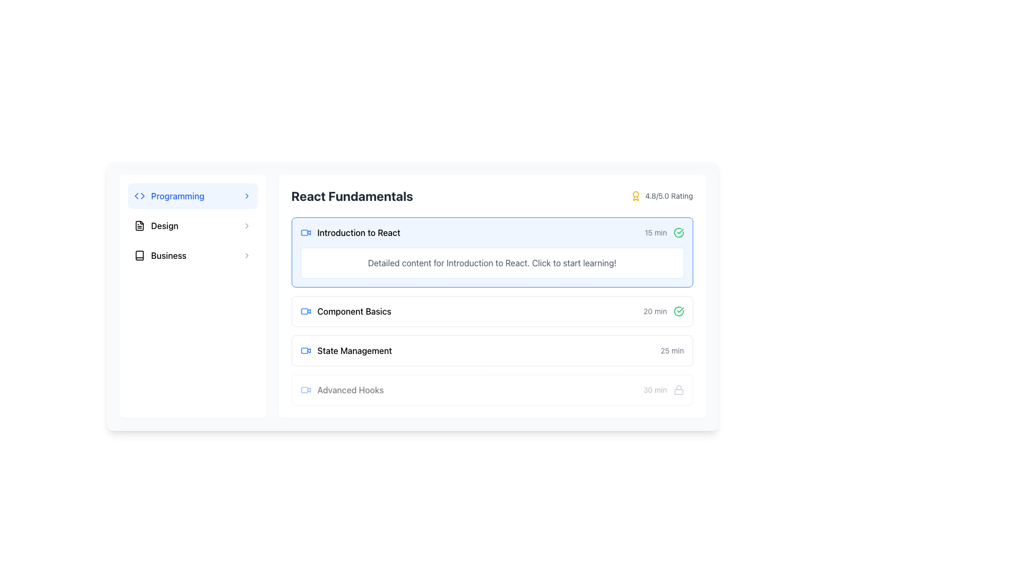 This screenshot has width=1020, height=574. I want to click on the second interactive card in the 'React Fundamentals' section, which represents a course module or topic, so click(491, 311).